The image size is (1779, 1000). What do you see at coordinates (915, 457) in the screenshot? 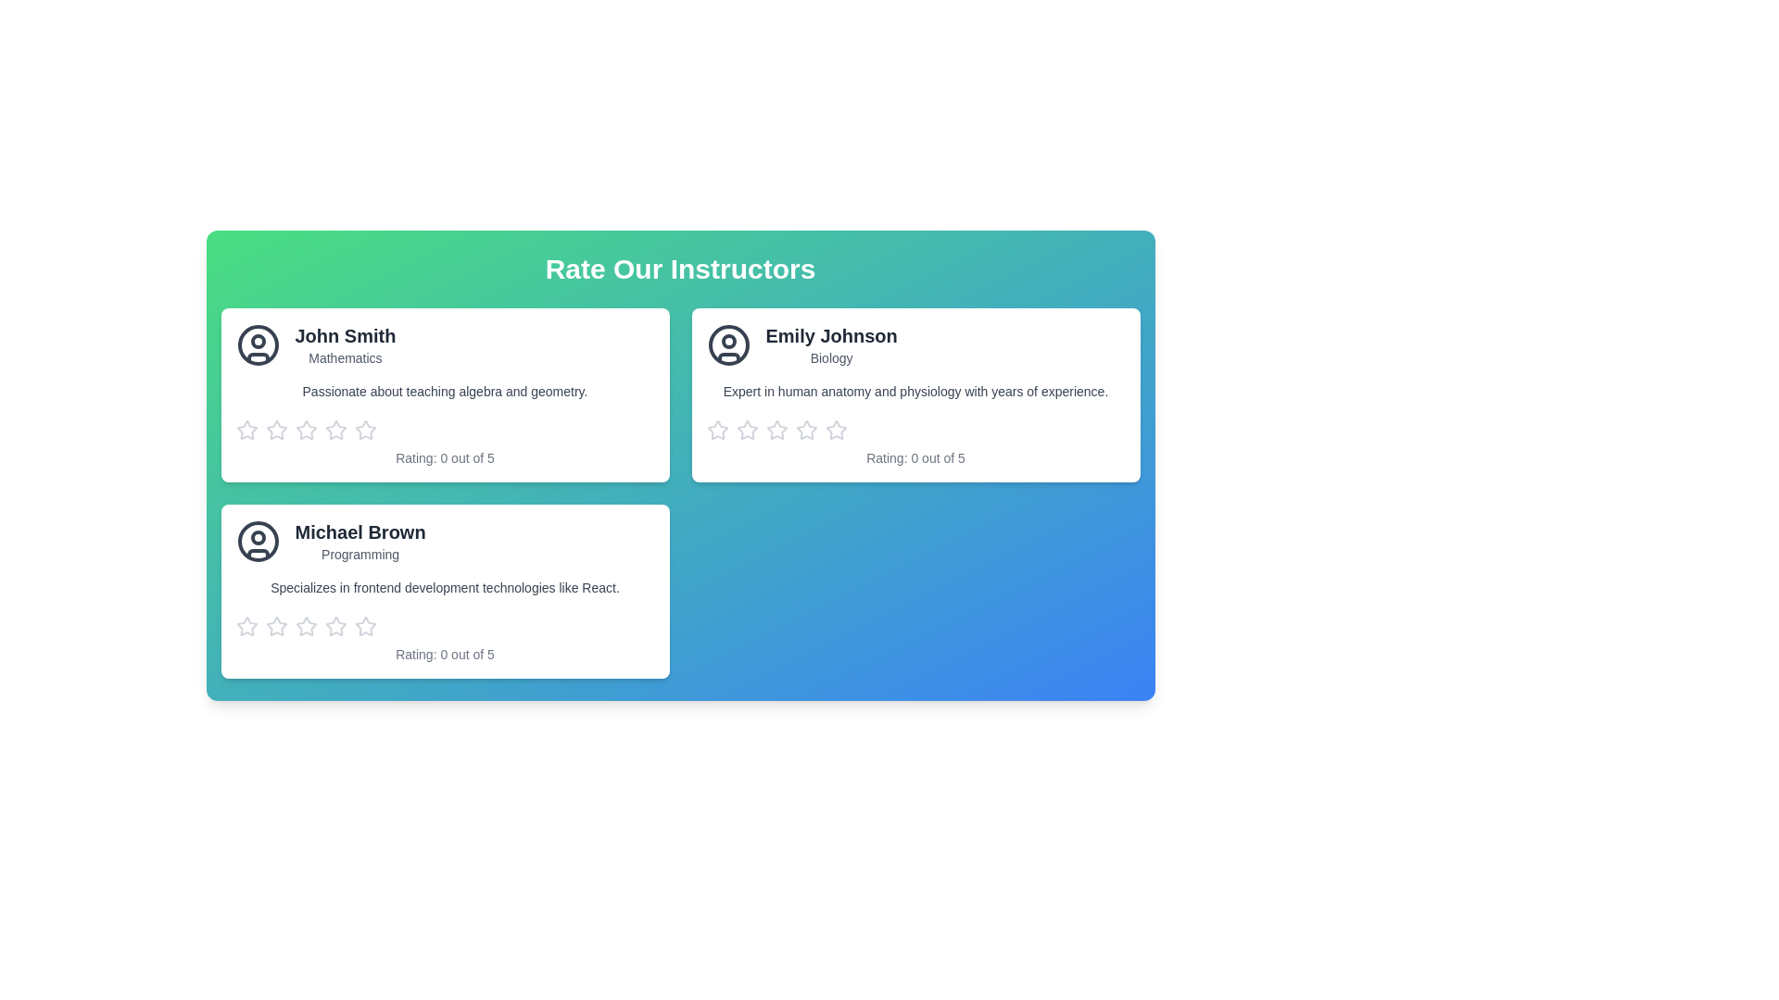
I see `the text label displaying 'Rating: 0 out of 5' located beneath the star rating icons in Emily Johnson's profile card` at bounding box center [915, 457].